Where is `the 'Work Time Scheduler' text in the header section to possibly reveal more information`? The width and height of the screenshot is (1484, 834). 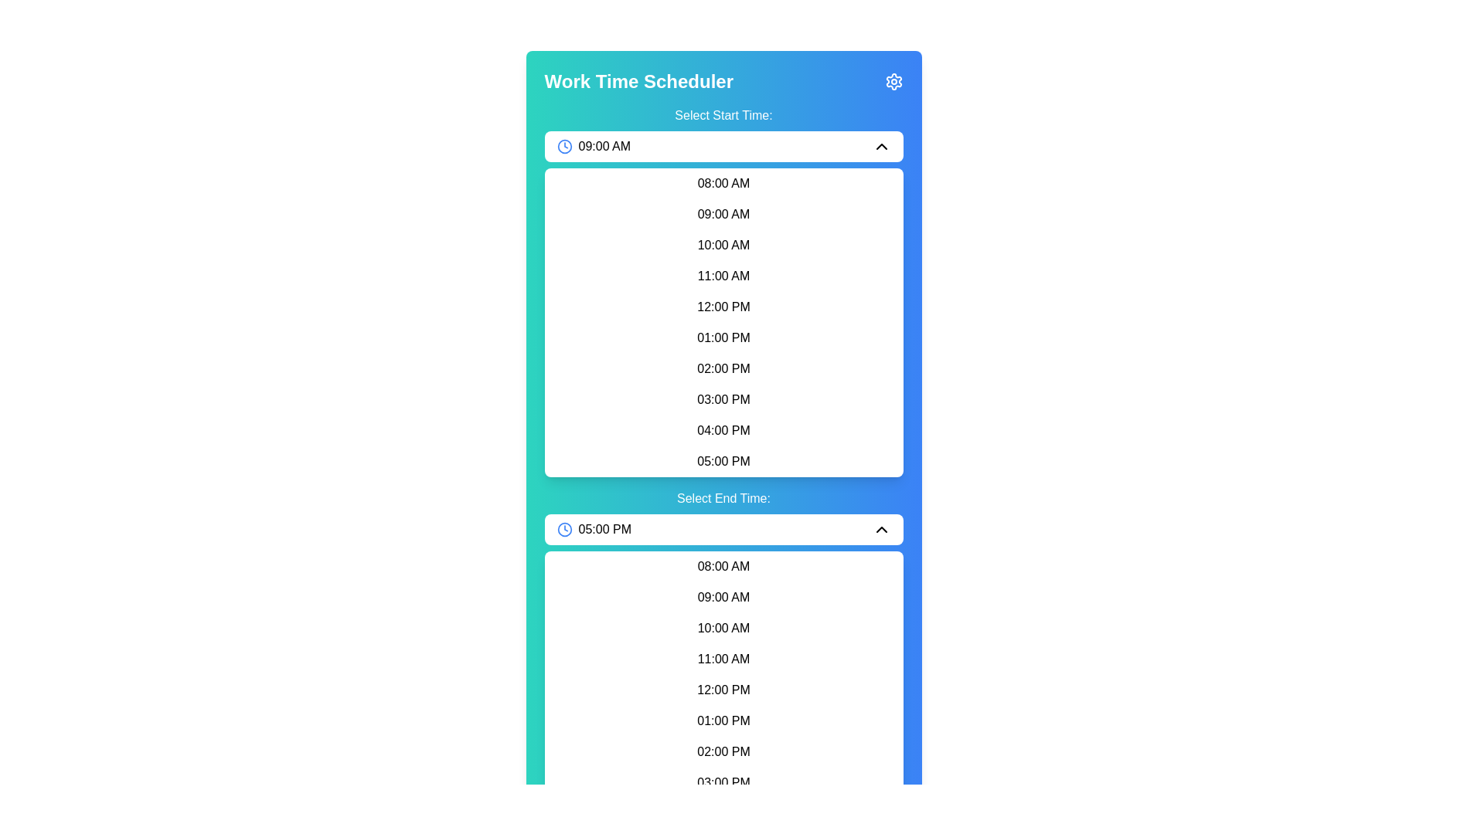 the 'Work Time Scheduler' text in the header section to possibly reveal more information is located at coordinates (723, 81).